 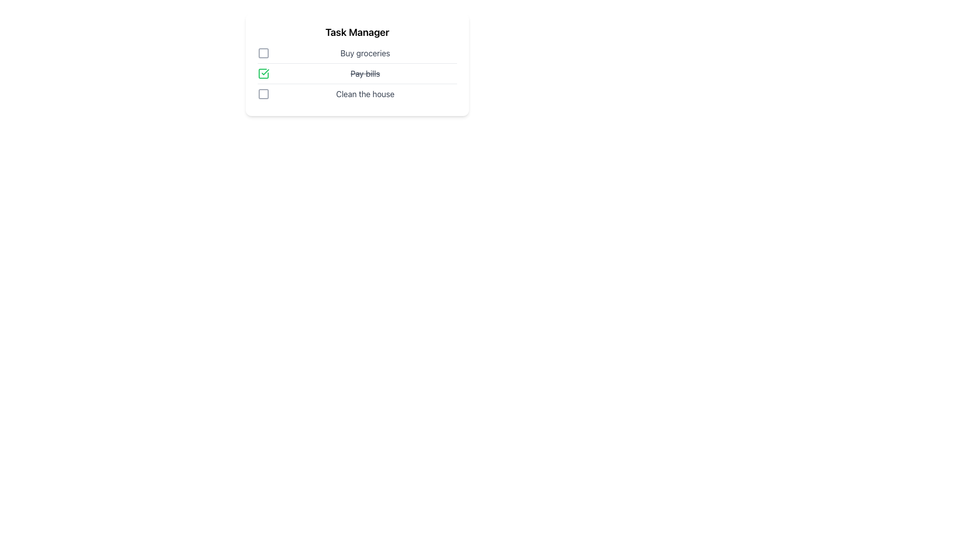 What do you see at coordinates (263, 53) in the screenshot?
I see `the small square icon with rounded corners located to the left of the text 'Buy groceries' at the top of a vertical list to change its state` at bounding box center [263, 53].